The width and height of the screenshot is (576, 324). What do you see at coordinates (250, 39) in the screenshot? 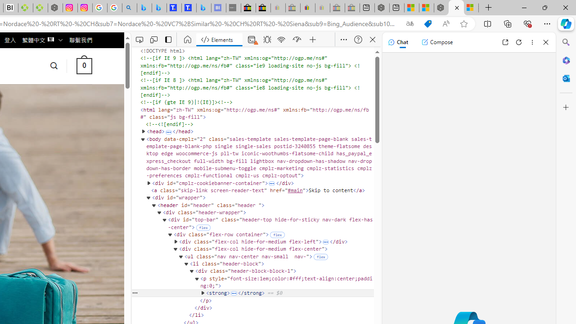
I see `'Console warnings present.'` at bounding box center [250, 39].